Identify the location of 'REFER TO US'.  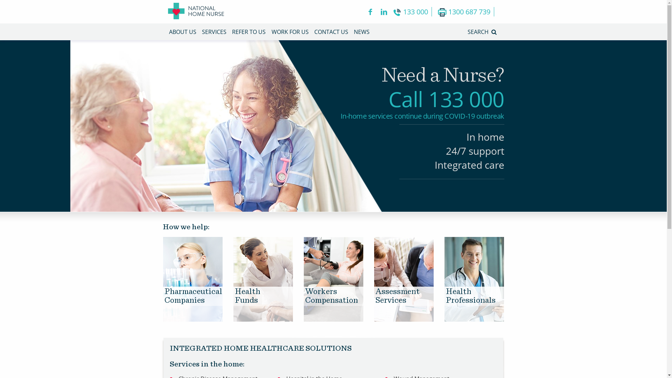
(248, 32).